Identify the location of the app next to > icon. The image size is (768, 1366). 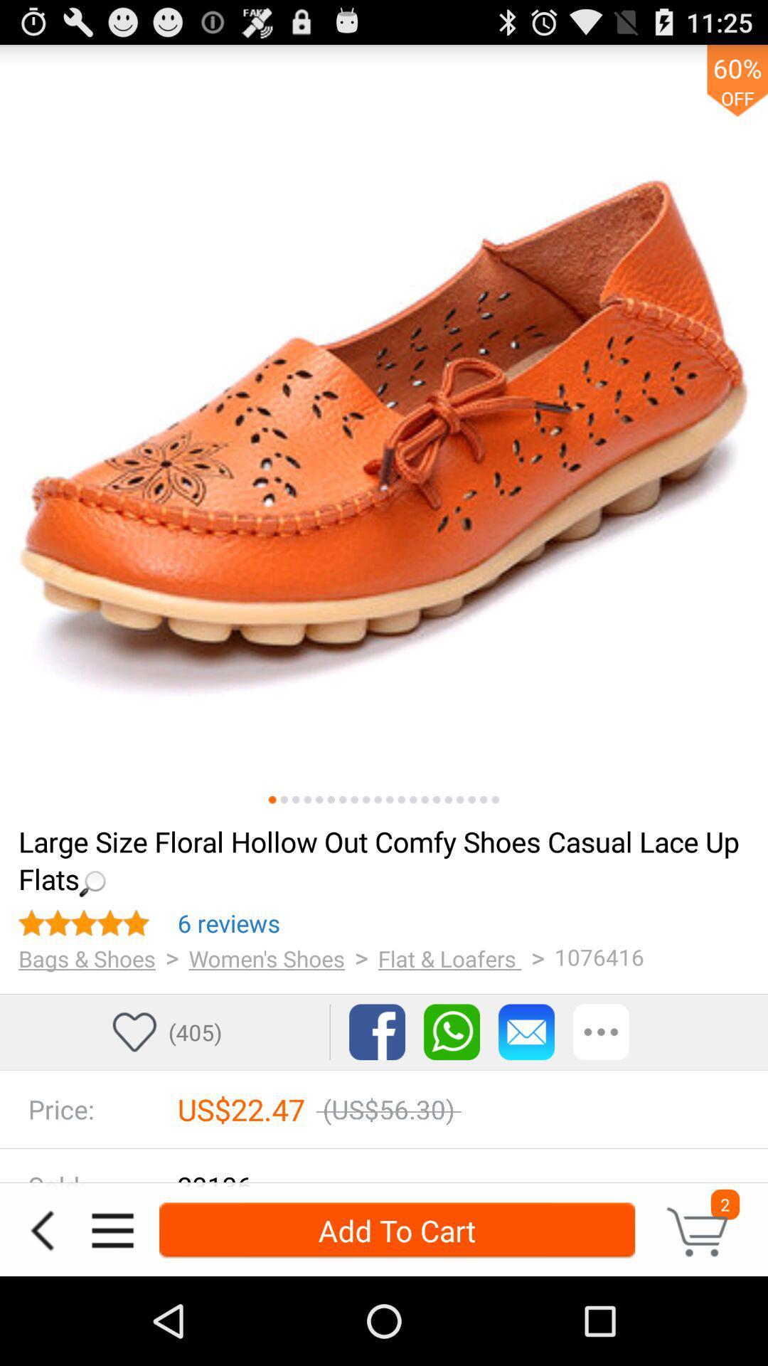
(449, 958).